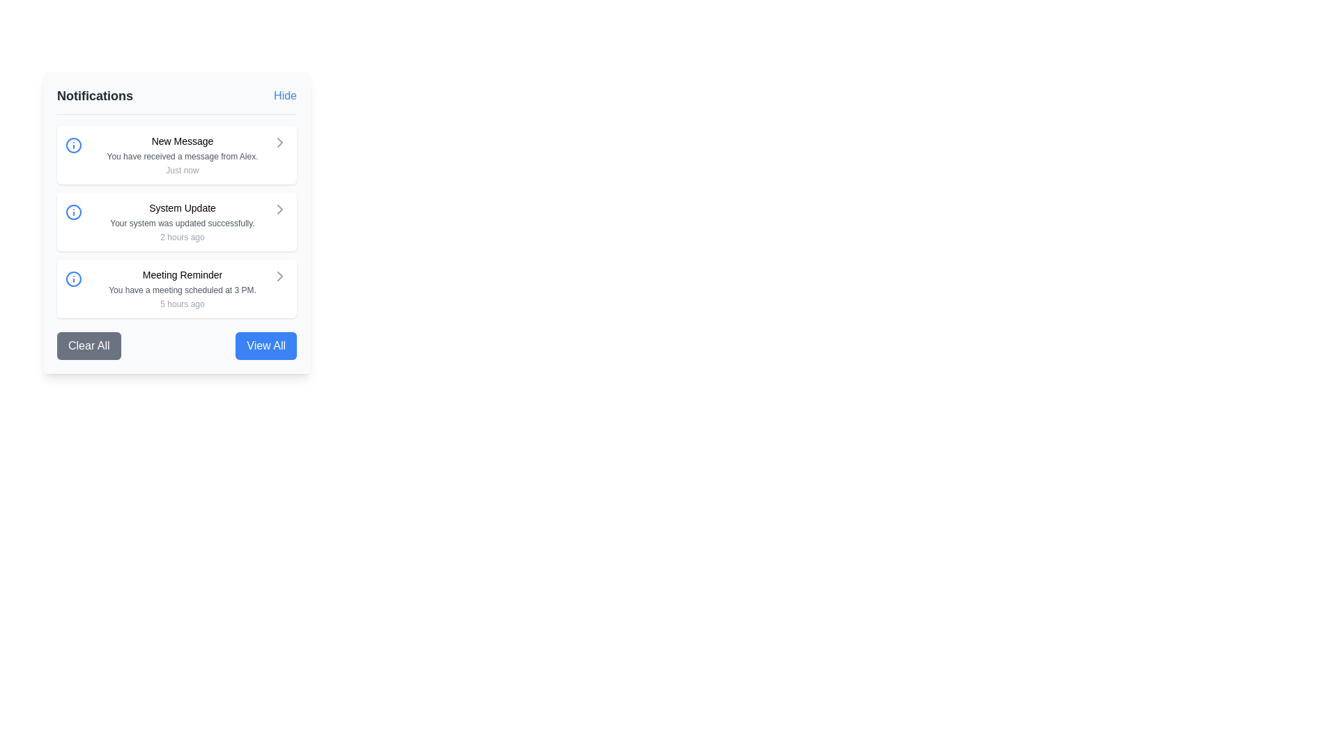 The image size is (1338, 752). I want to click on notification details displayed in the first item of the notifications list, which includes a message and its timestamp, located at the center of the notification panel, so click(182, 155).